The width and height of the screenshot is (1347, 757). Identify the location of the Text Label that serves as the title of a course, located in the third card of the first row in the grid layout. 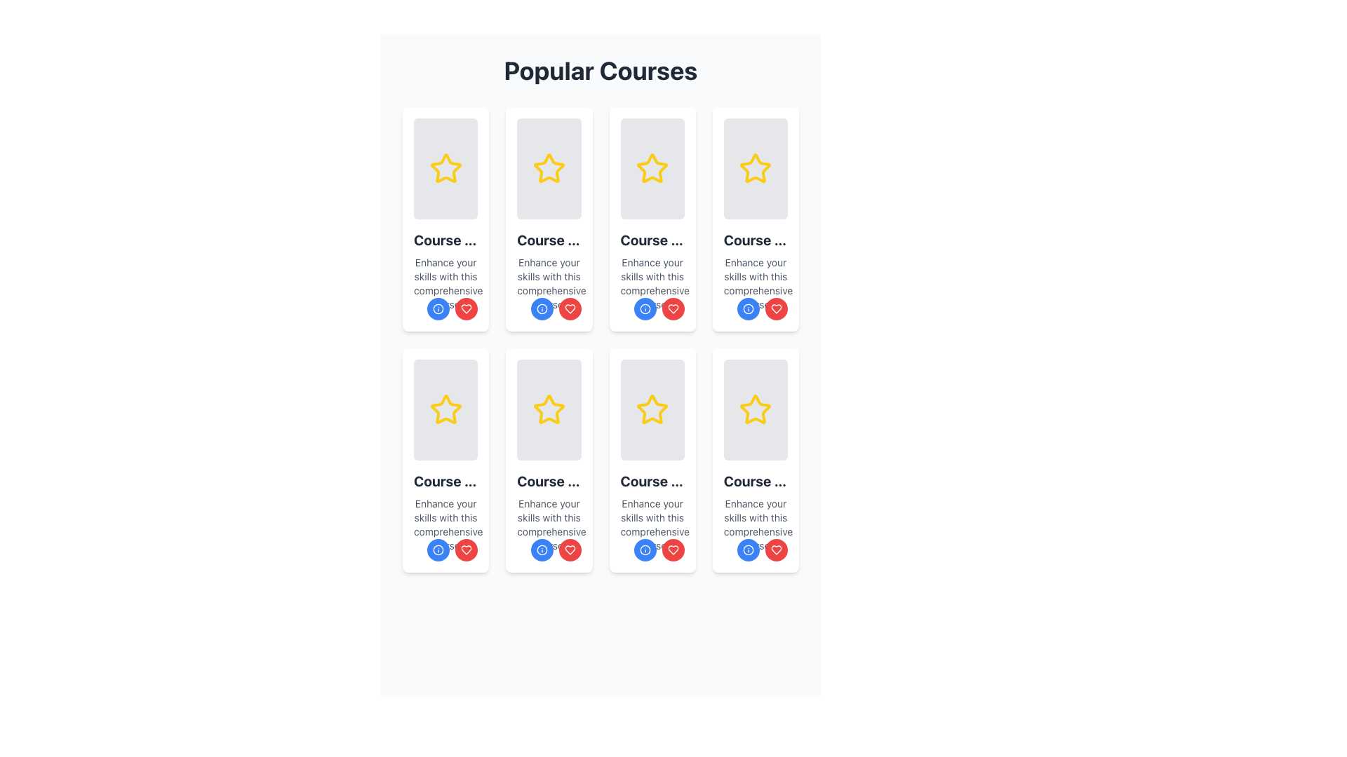
(652, 240).